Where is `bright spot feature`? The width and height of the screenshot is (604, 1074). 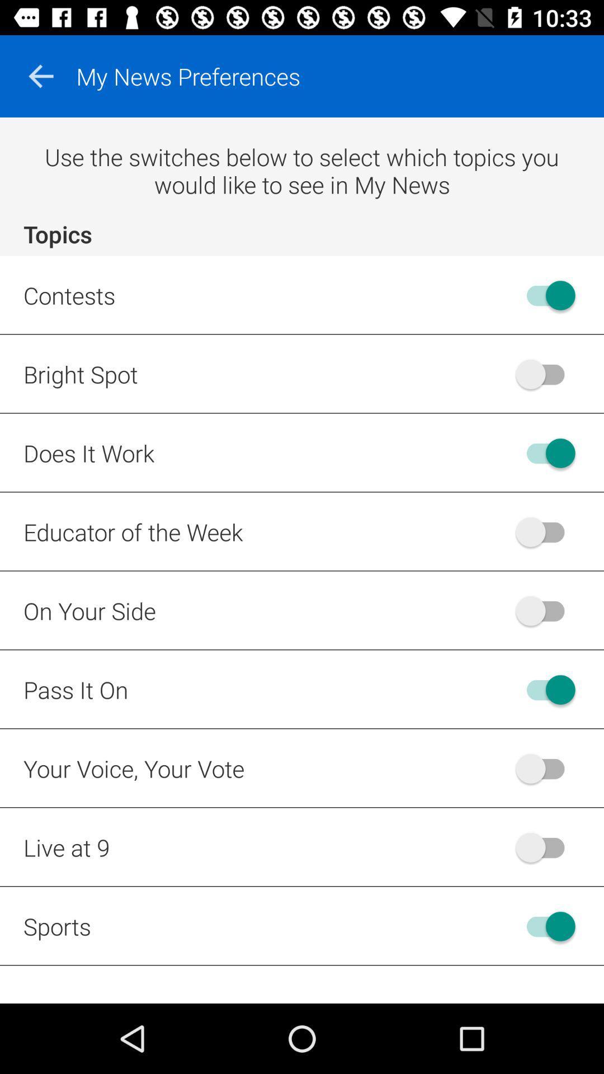
bright spot feature is located at coordinates (545, 374).